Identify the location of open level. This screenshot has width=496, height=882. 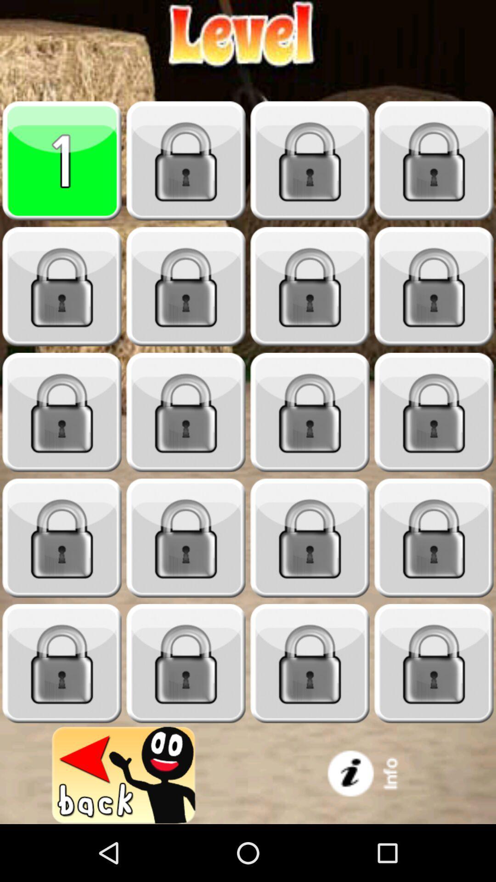
(62, 538).